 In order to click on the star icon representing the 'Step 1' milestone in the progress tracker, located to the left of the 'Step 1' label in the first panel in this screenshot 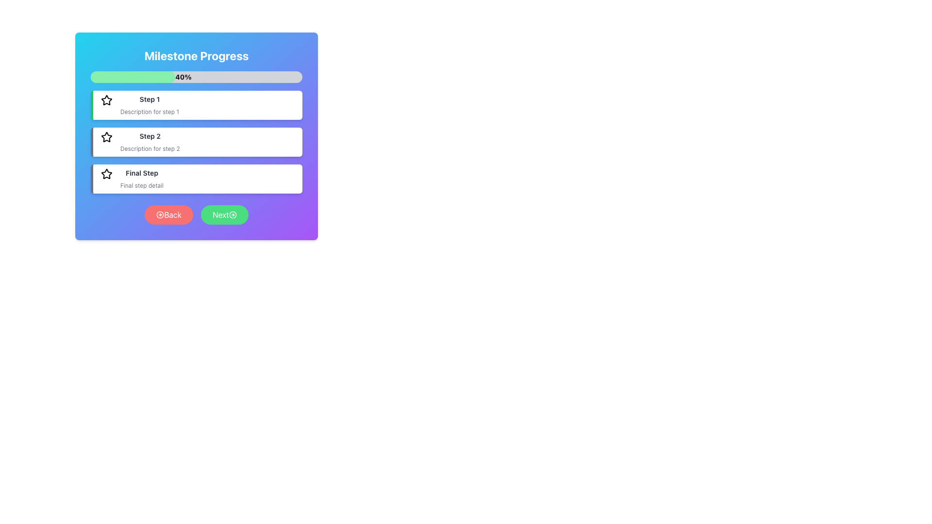, I will do `click(107, 100)`.